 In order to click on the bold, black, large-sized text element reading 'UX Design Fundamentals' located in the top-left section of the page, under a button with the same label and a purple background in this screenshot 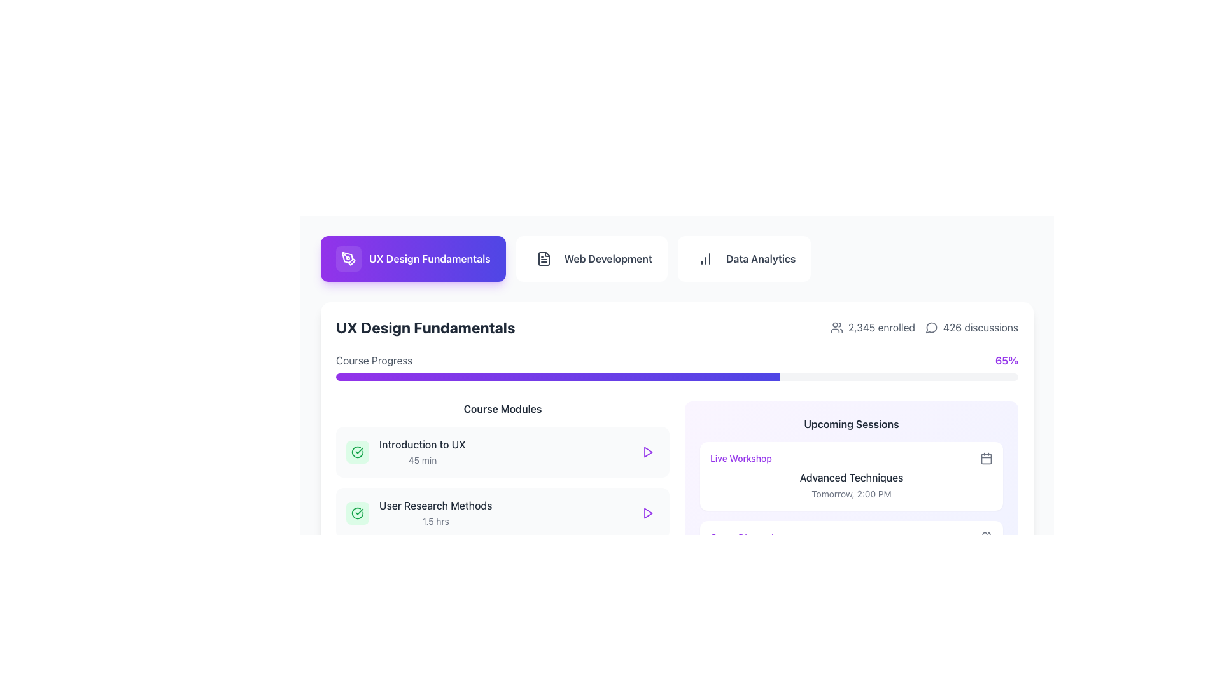, I will do `click(425, 327)`.